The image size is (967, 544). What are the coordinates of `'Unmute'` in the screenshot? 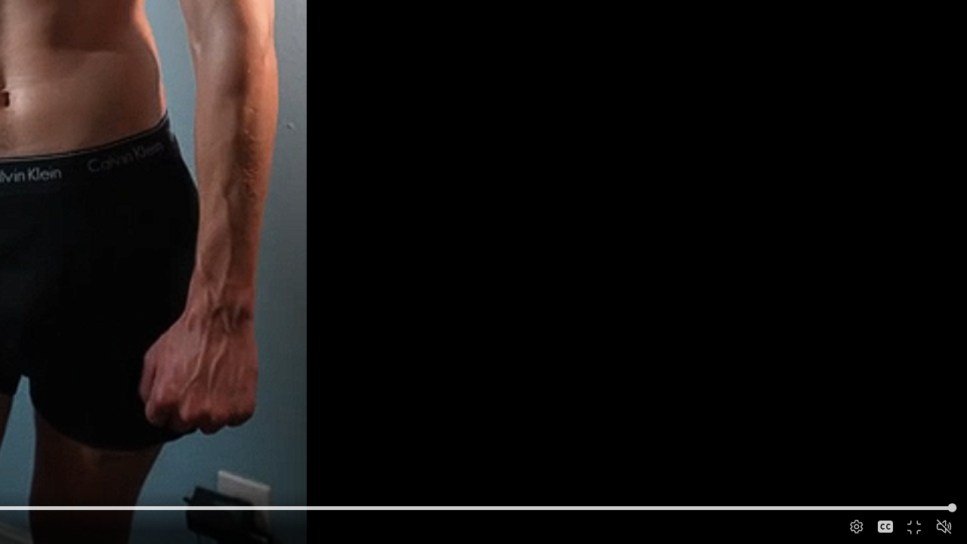 It's located at (943, 525).